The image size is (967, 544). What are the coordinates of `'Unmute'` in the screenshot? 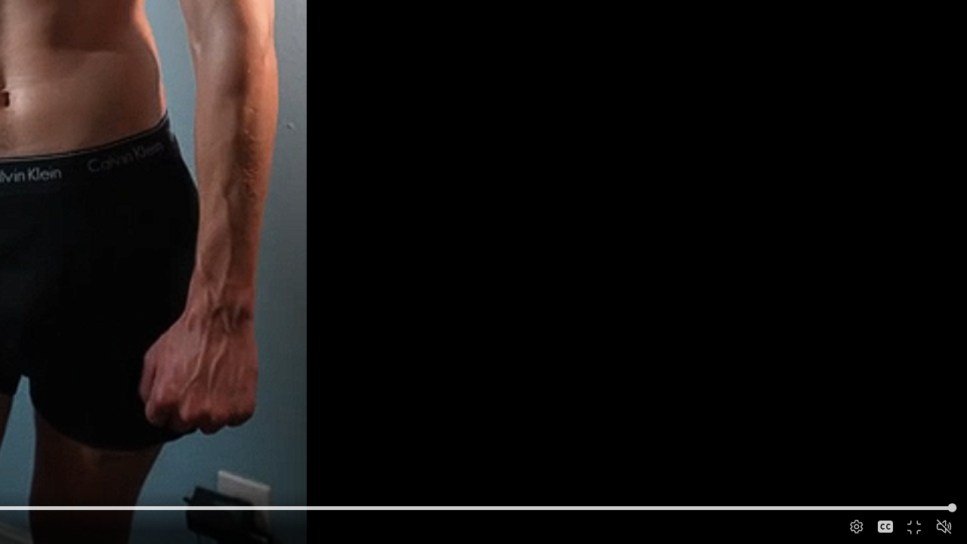 It's located at (943, 525).